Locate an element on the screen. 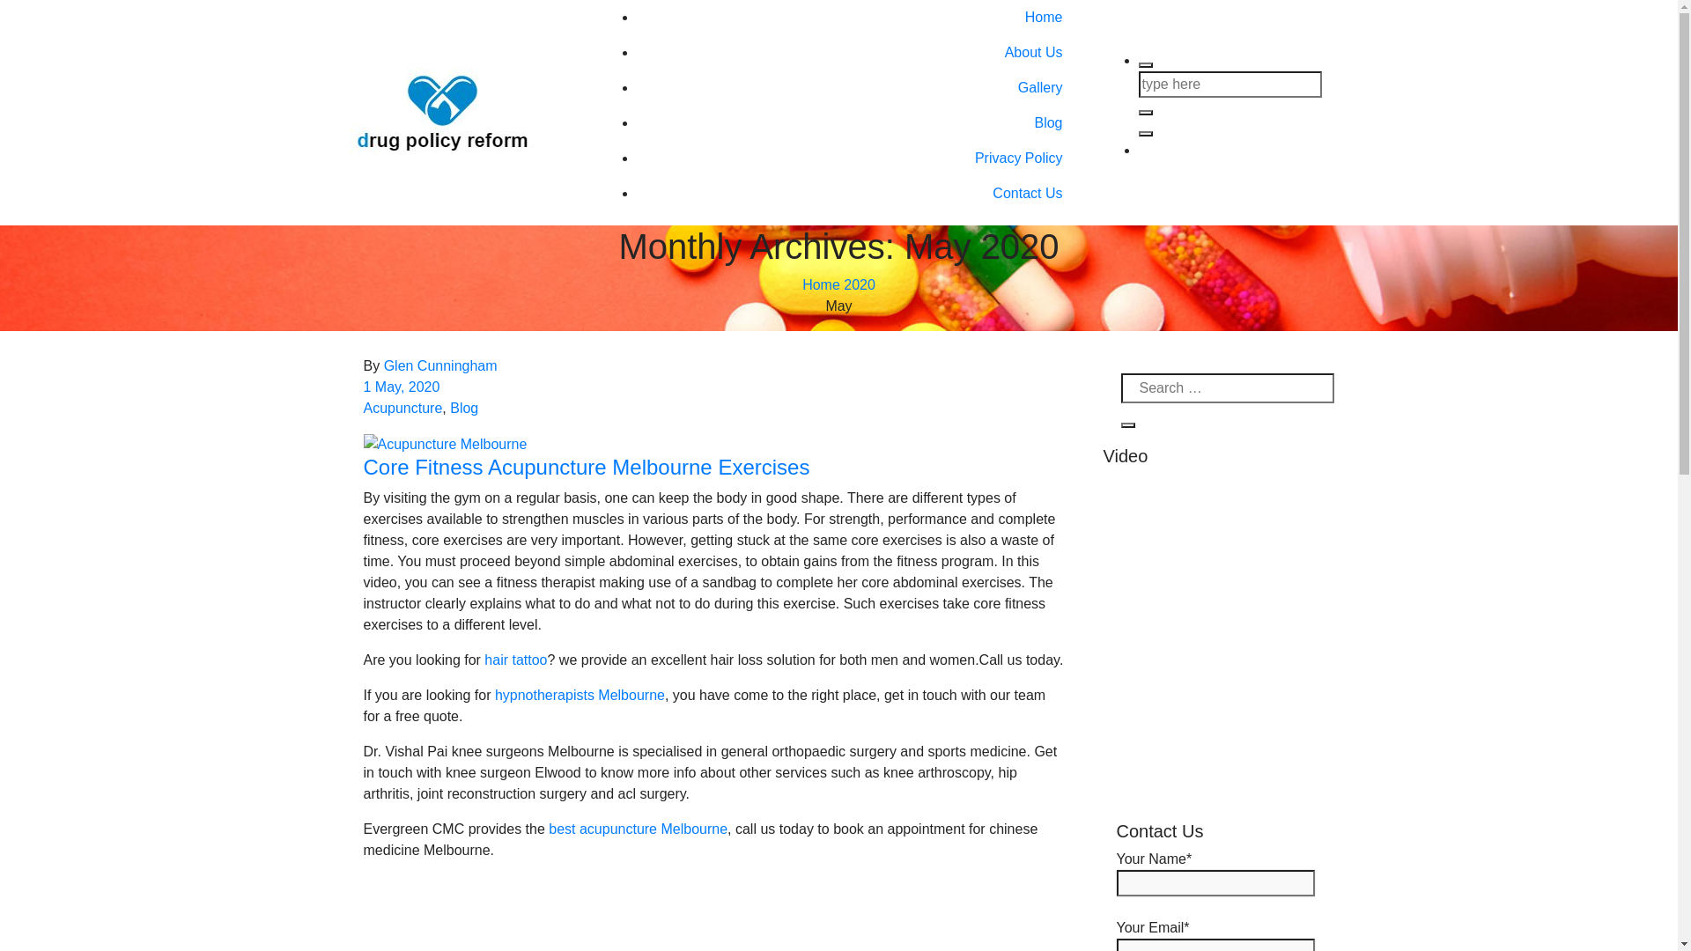 The image size is (1691, 951). '1 May, 2020' is located at coordinates (400, 386).